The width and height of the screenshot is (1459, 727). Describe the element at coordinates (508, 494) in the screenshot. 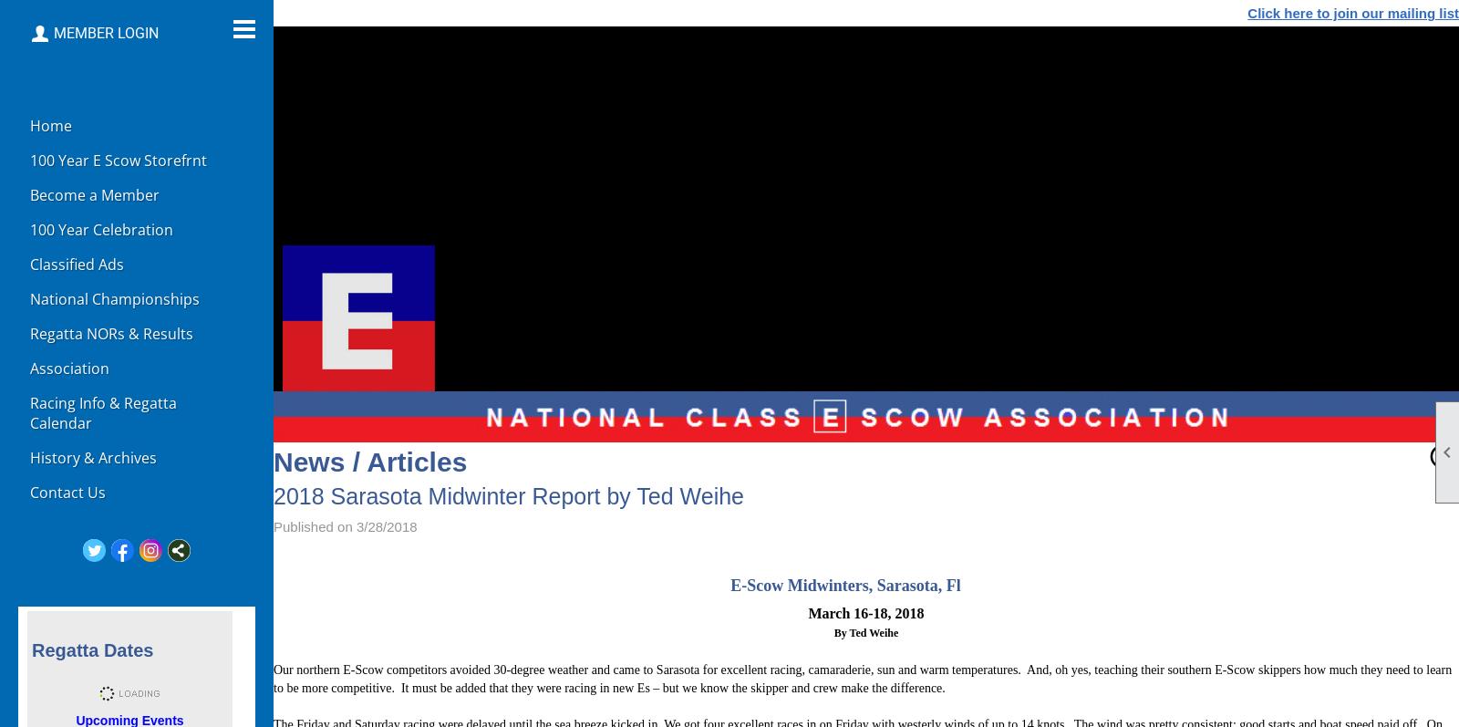

I see `'2018 Sarasota Midwinter Report by Ted Weihe'` at that location.